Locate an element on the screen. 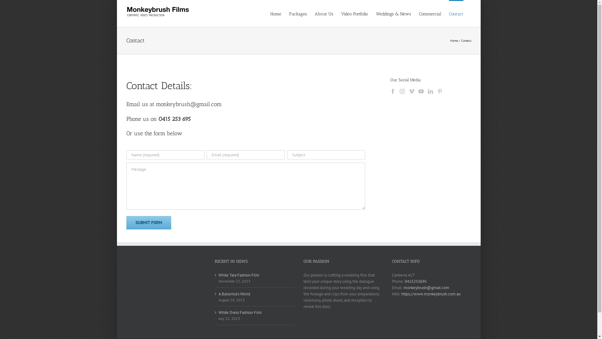  'https://www.monkeybrush.com.au' is located at coordinates (430, 294).